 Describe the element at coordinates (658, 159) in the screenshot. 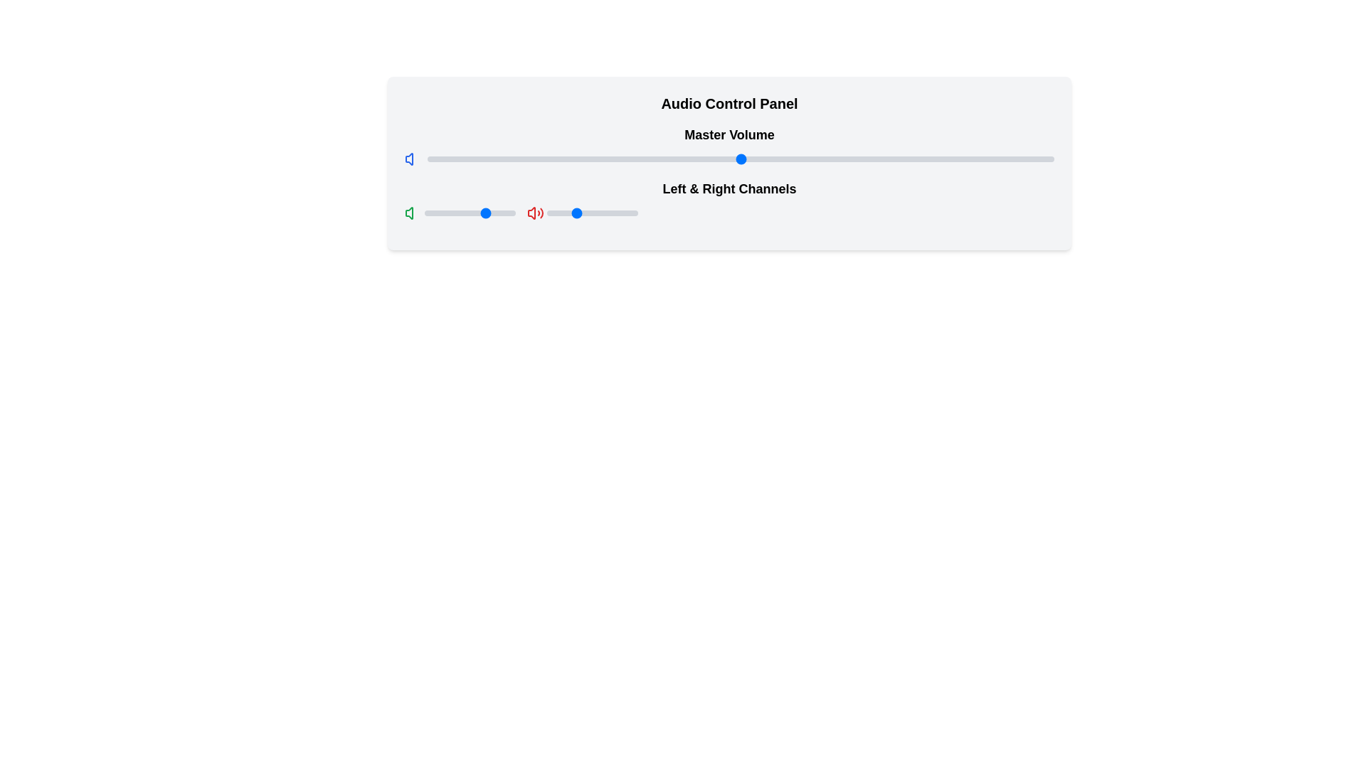

I see `the master volume` at that location.